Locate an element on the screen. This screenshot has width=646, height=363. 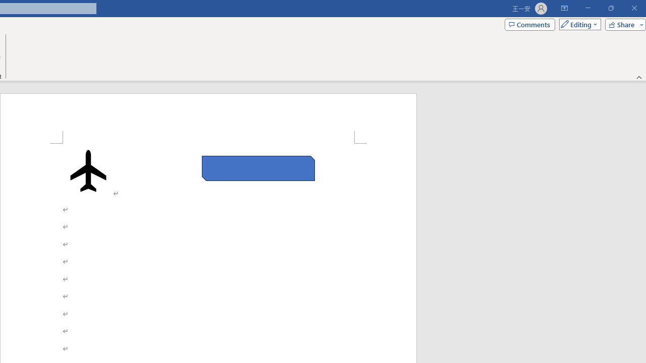
'Editing' is located at coordinates (577, 24).